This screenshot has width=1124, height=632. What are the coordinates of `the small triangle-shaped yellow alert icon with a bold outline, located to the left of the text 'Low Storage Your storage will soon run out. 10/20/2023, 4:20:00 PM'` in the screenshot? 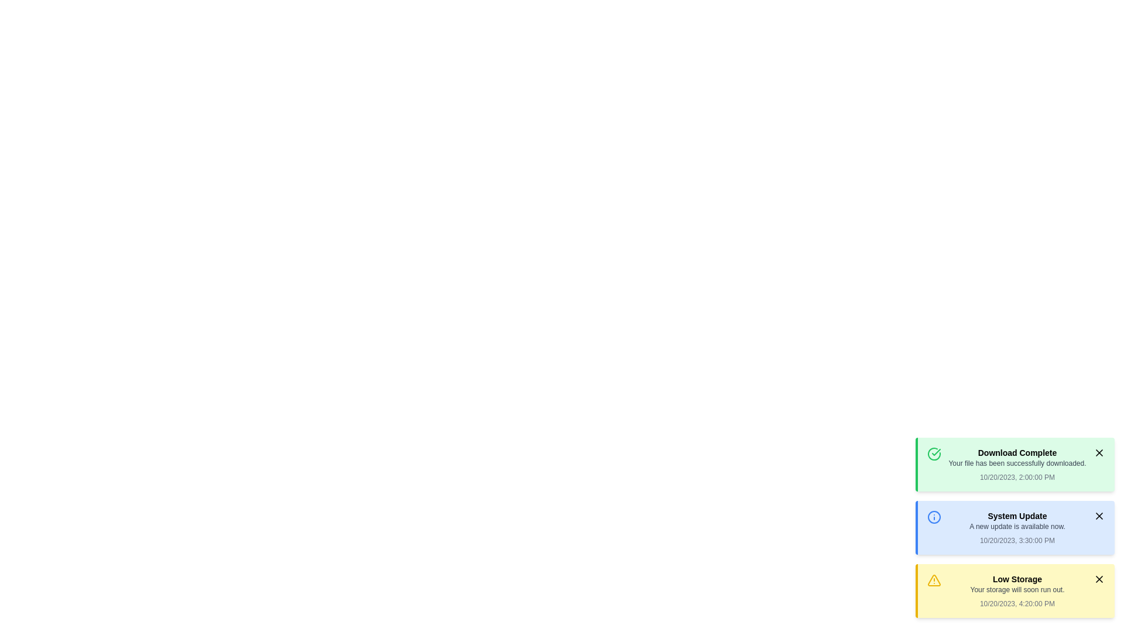 It's located at (934, 580).